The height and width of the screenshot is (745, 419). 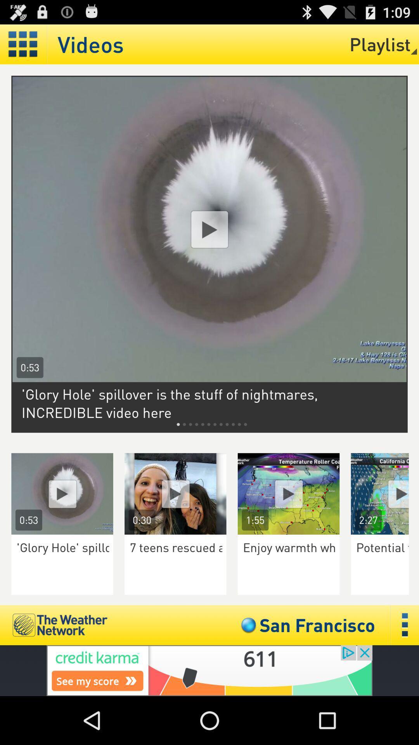 What do you see at coordinates (209, 229) in the screenshot?
I see `video` at bounding box center [209, 229].